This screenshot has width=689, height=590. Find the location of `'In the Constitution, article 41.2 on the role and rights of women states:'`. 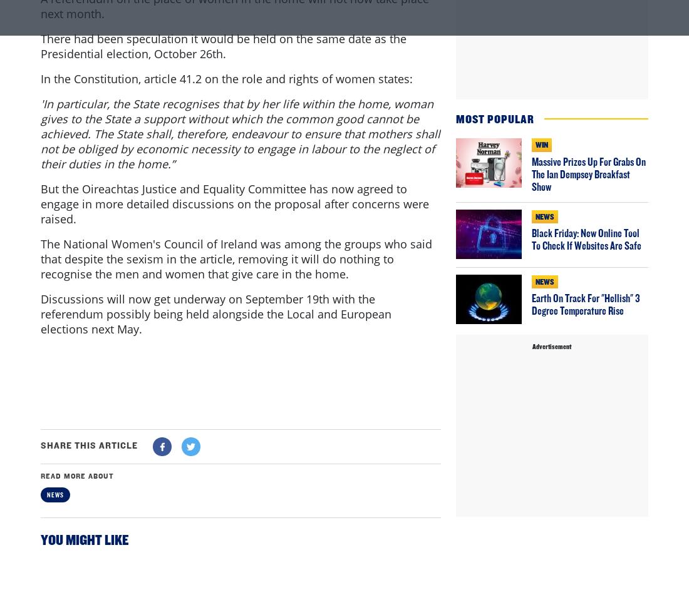

'In the Constitution, article 41.2 on the role and rights of women states:' is located at coordinates (227, 130).